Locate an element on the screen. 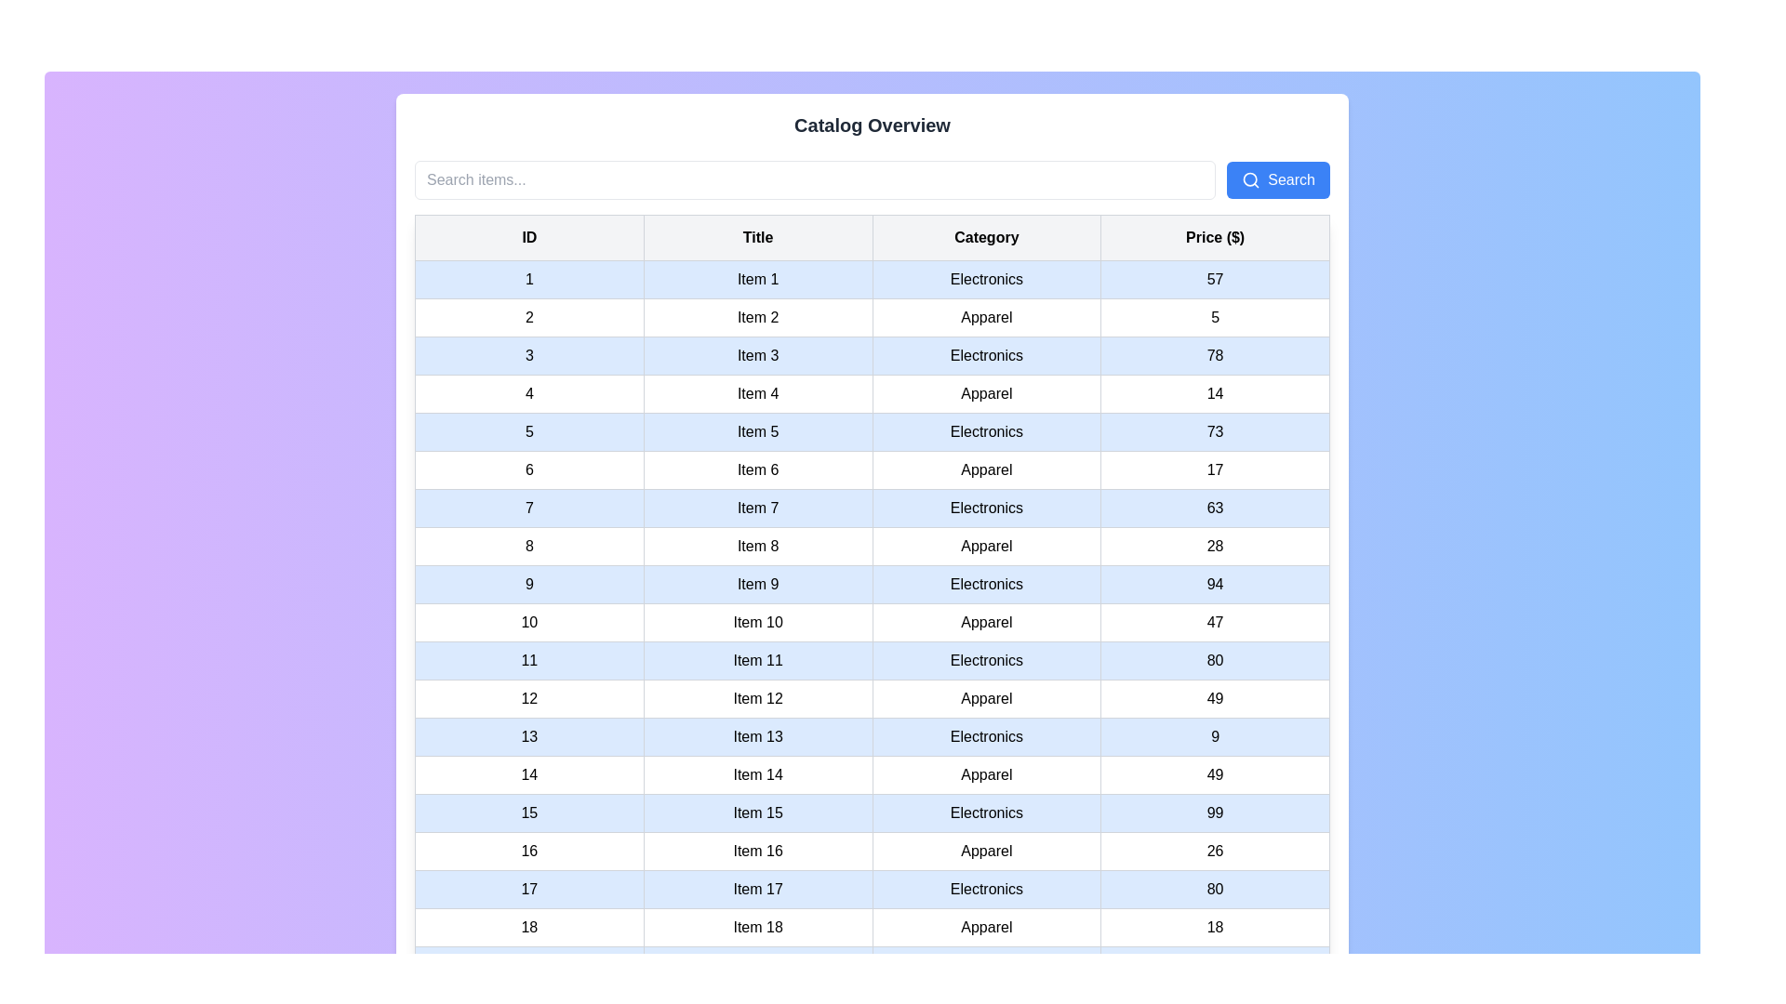 This screenshot has height=1004, width=1786. the static text label displaying the number '28' in the fourth column of the eighth row, which is part of the 'Price ($)' column header and adjacent to 'Apparel' is located at coordinates (1215, 545).